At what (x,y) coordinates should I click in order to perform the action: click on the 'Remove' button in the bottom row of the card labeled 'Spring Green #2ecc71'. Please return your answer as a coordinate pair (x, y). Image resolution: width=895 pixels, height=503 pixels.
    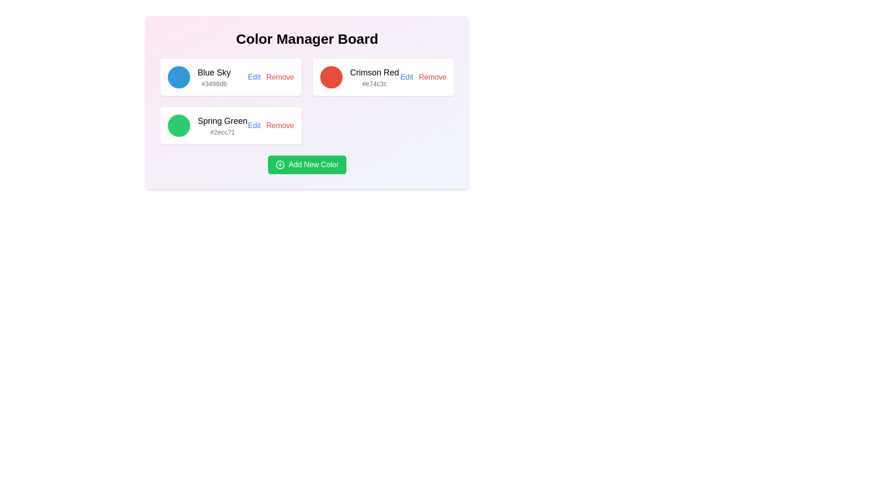
    Looking at the image, I should click on (270, 126).